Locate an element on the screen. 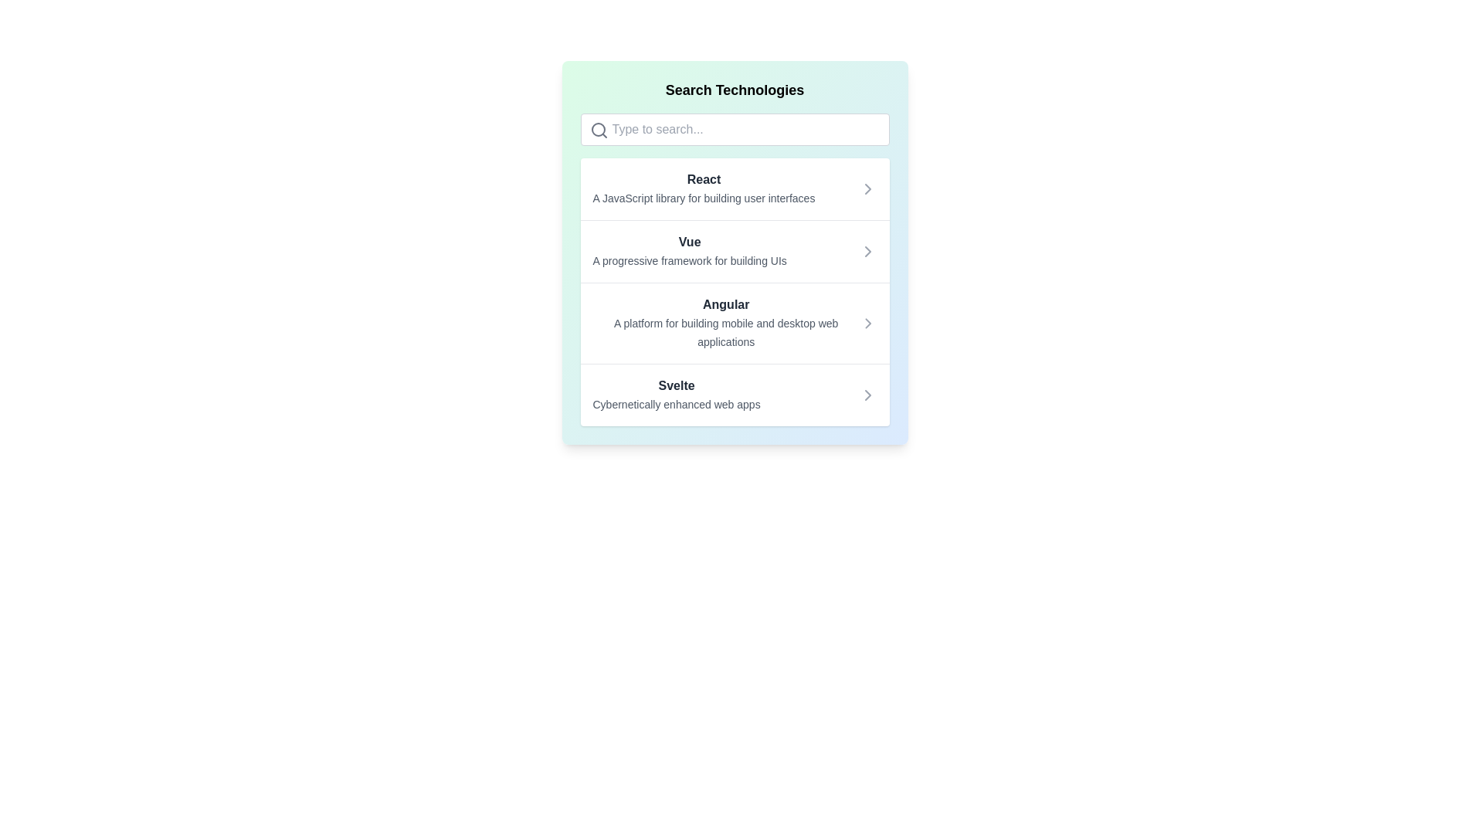 Image resolution: width=1483 pixels, height=834 pixels. text label displaying 'Angular' which is styled in bold and located within the second list item of the 'Search Technologies' card-like structure is located at coordinates (725, 304).